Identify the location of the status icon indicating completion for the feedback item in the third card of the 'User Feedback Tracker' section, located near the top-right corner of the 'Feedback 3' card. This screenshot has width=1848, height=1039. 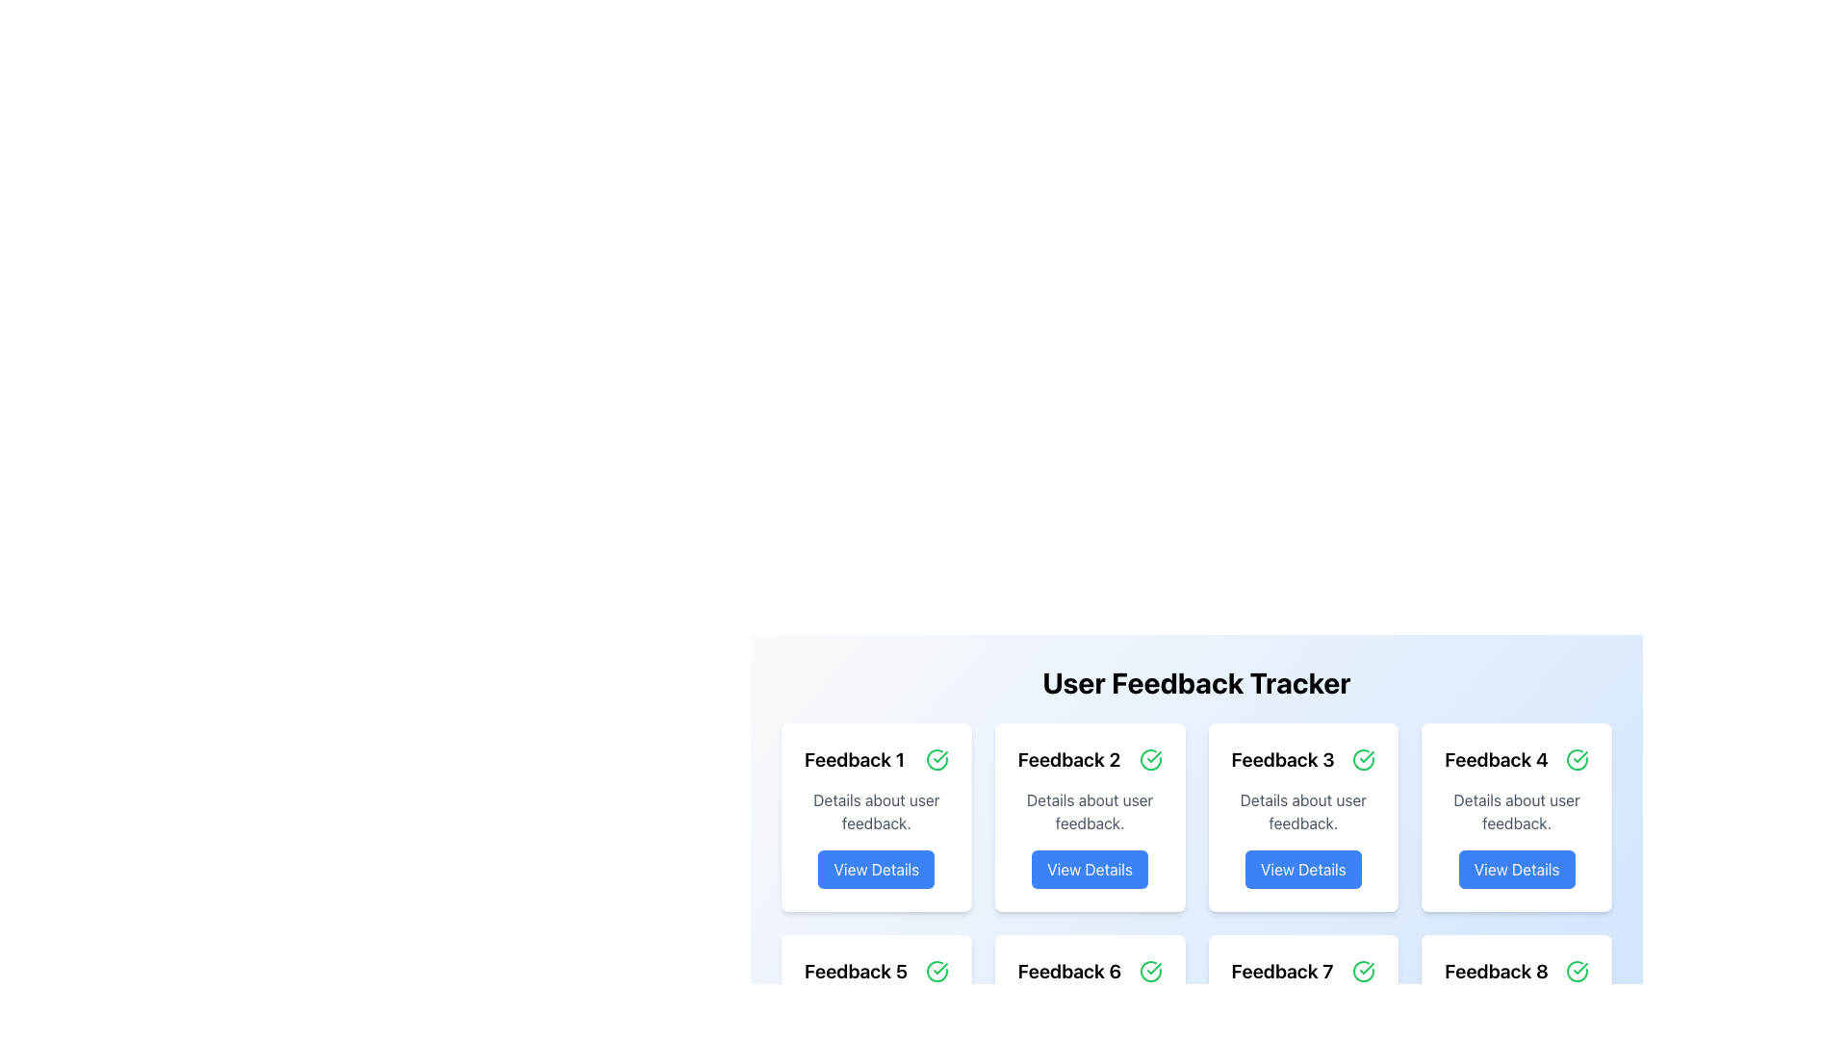
(1366, 755).